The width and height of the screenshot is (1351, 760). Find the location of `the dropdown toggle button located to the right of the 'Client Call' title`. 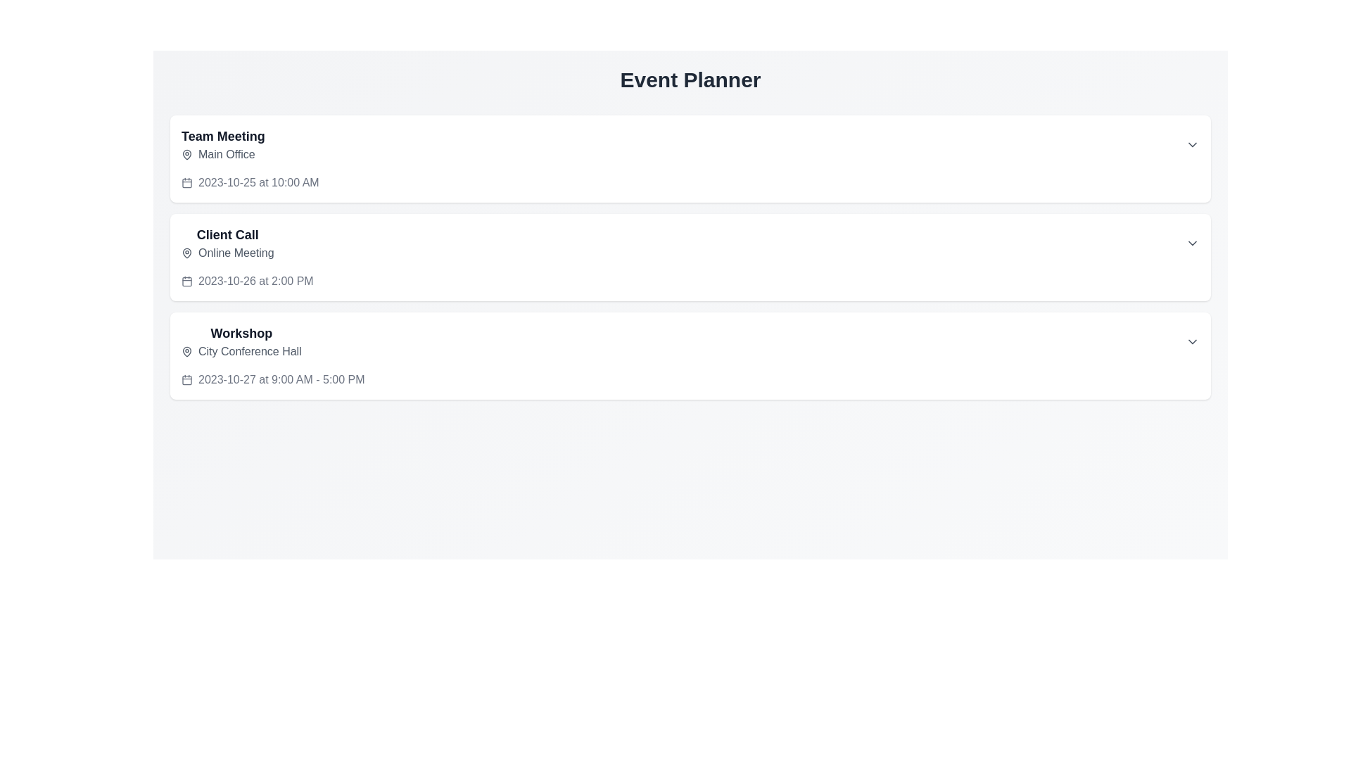

the dropdown toggle button located to the right of the 'Client Call' title is located at coordinates (1191, 243).